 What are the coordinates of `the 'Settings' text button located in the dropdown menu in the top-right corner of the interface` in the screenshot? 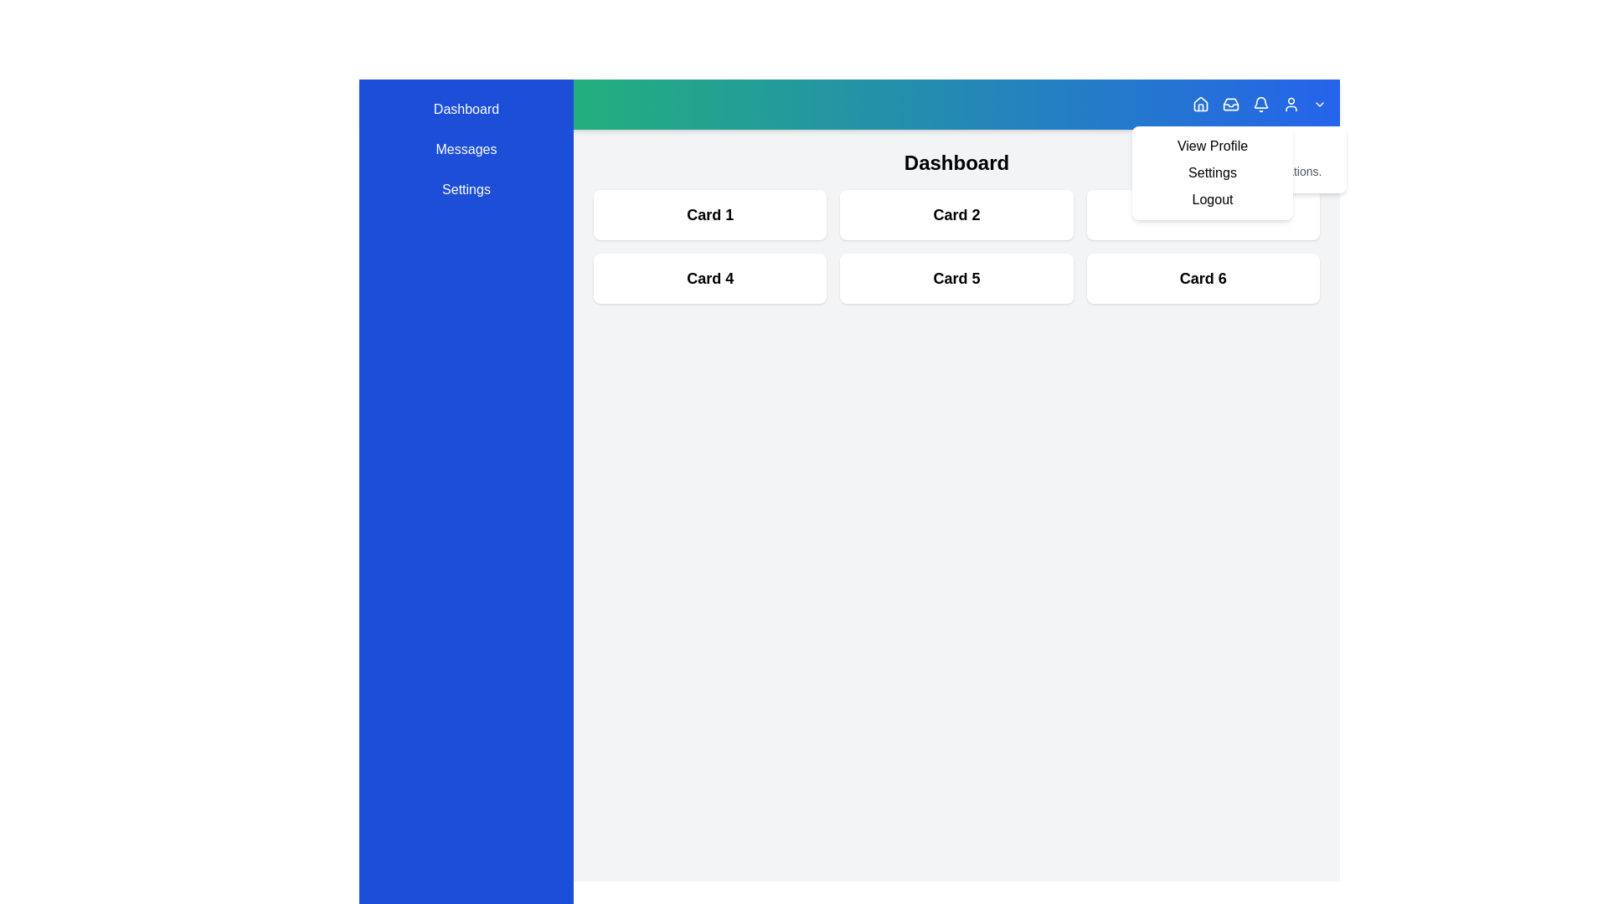 It's located at (1213, 173).